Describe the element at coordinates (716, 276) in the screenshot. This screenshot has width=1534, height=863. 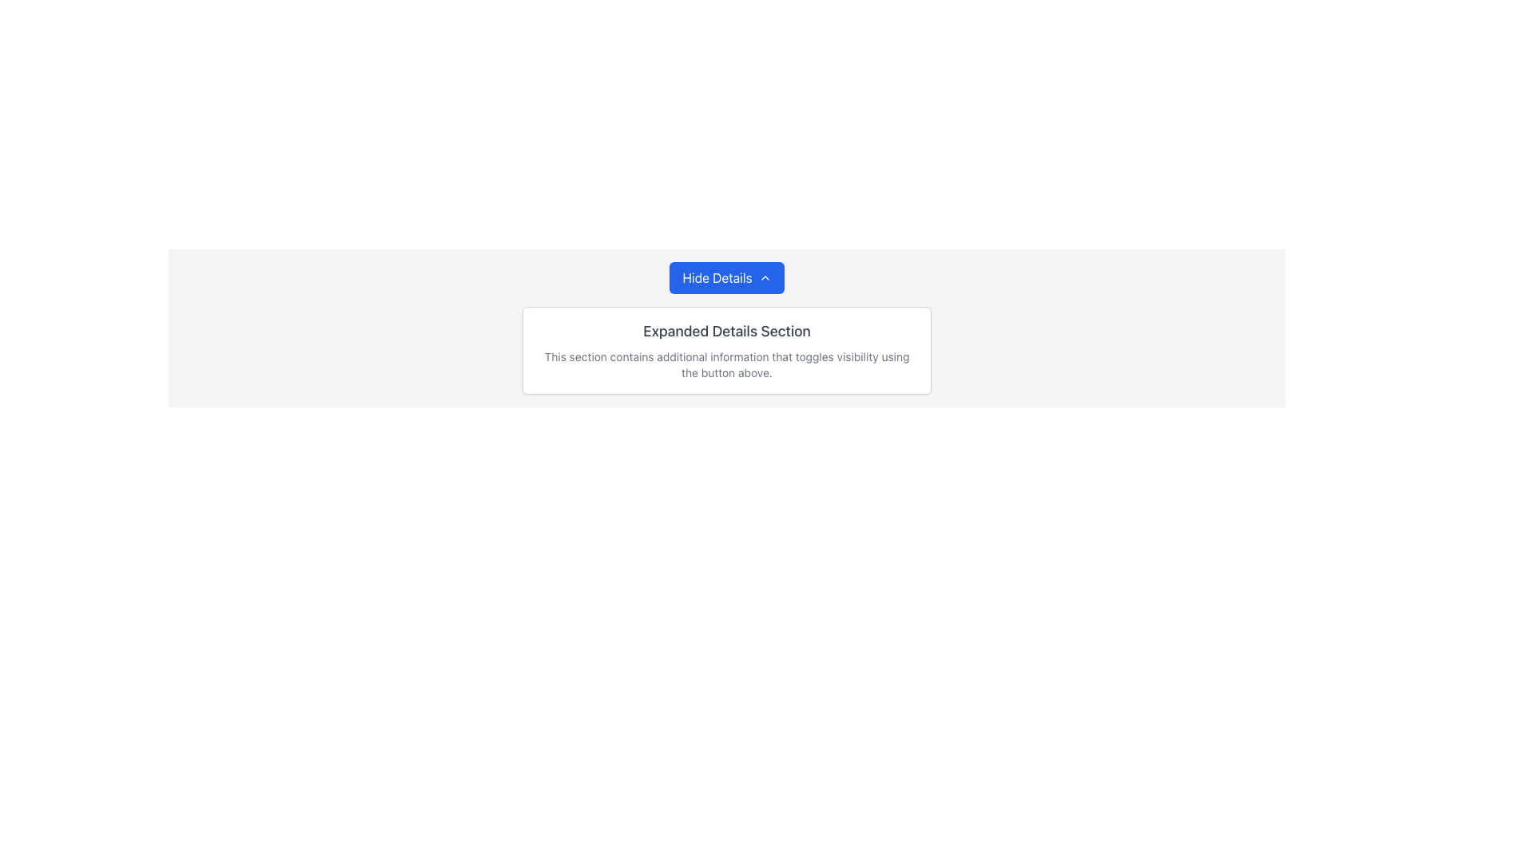
I see `the 'Hide Details' button, which is a static text element in white font on a blue background, centrally located above the 'Expanded Details Section'` at that location.